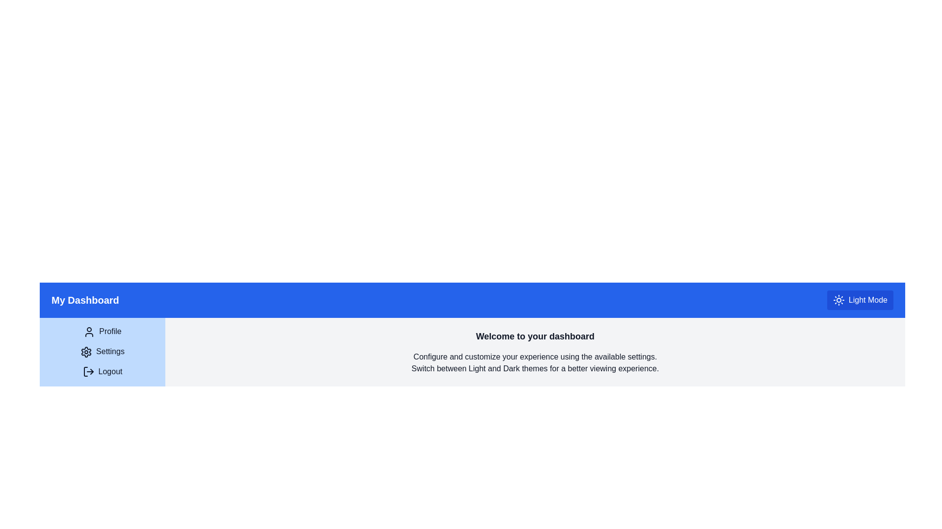 The height and width of the screenshot is (529, 942). Describe the element at coordinates (89, 331) in the screenshot. I see `the user profile icon, which is a minimalistic avatar silhouette located in the top-left corner of the vertical list menu under the 'Profile' section` at that location.